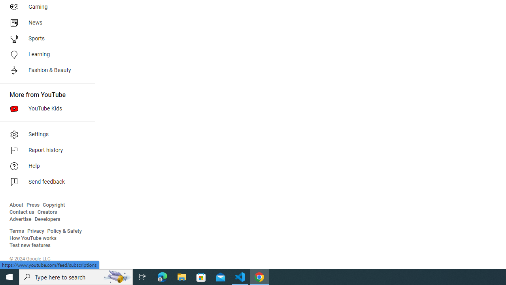  I want to click on 'How YouTube works', so click(32, 238).